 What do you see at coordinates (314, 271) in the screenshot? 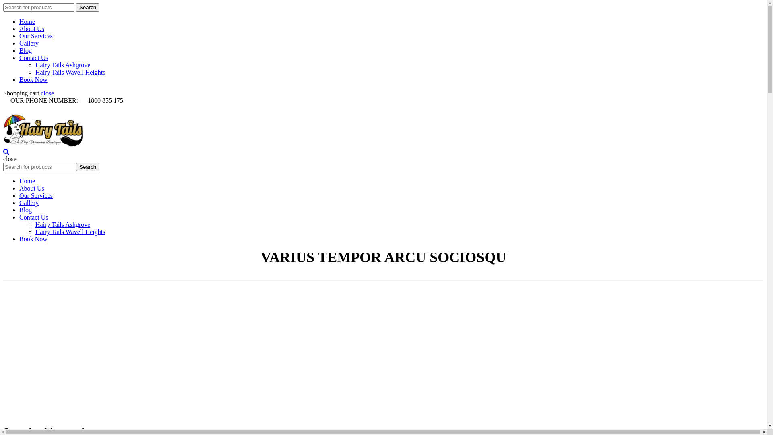
I see `'Home'` at bounding box center [314, 271].